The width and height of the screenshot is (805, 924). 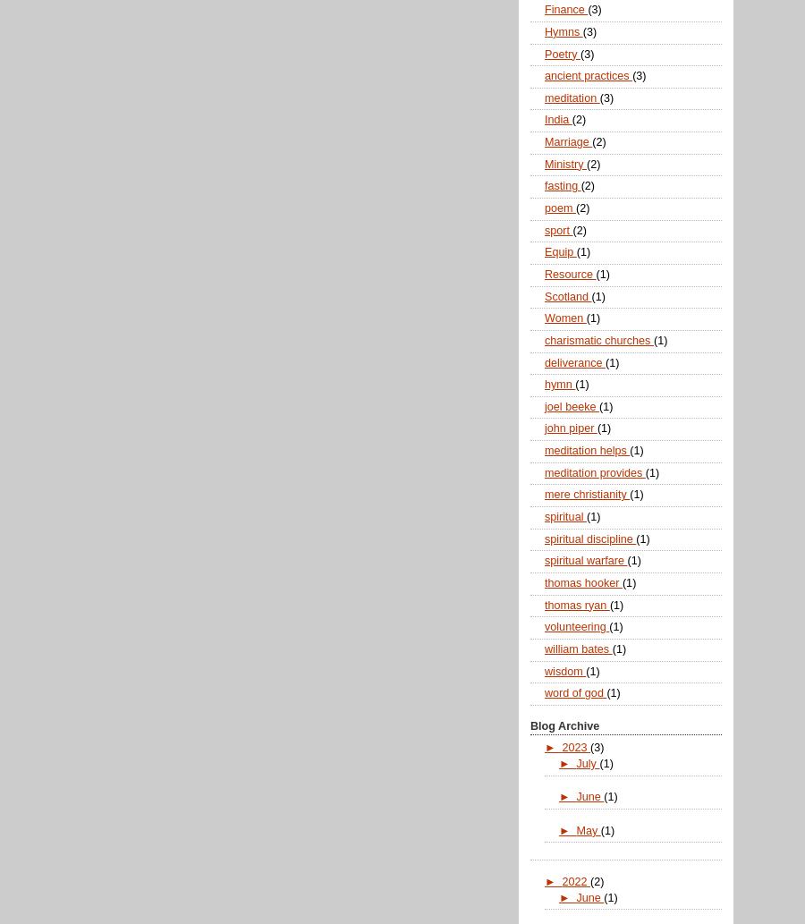 What do you see at coordinates (574, 362) in the screenshot?
I see `'deliverance'` at bounding box center [574, 362].